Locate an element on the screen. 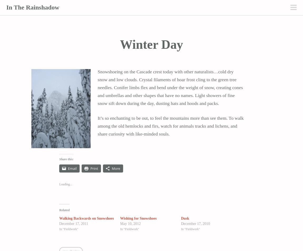 The image size is (303, 251). 'Print' is located at coordinates (94, 168).